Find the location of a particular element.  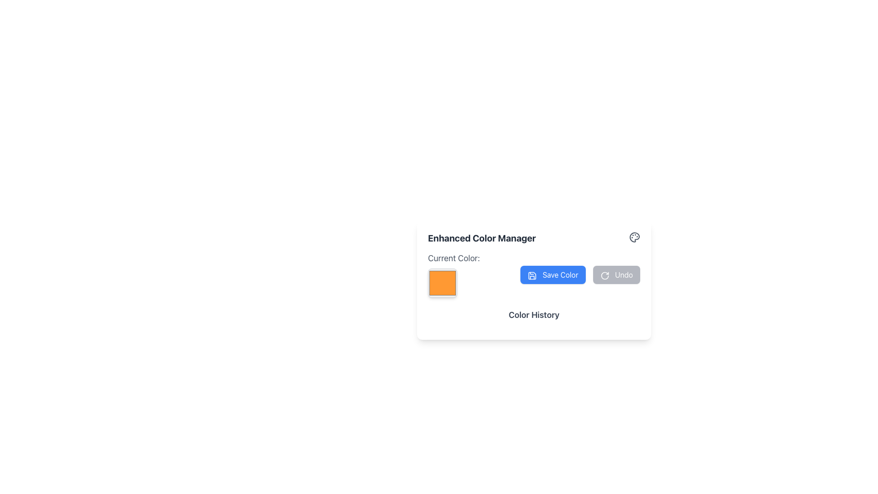

the 'Save Color' button, which is a rectangular button with rounded corners, blue background, and white text, located between the 'Current Color:' display and the 'Undo' button is located at coordinates (552, 274).